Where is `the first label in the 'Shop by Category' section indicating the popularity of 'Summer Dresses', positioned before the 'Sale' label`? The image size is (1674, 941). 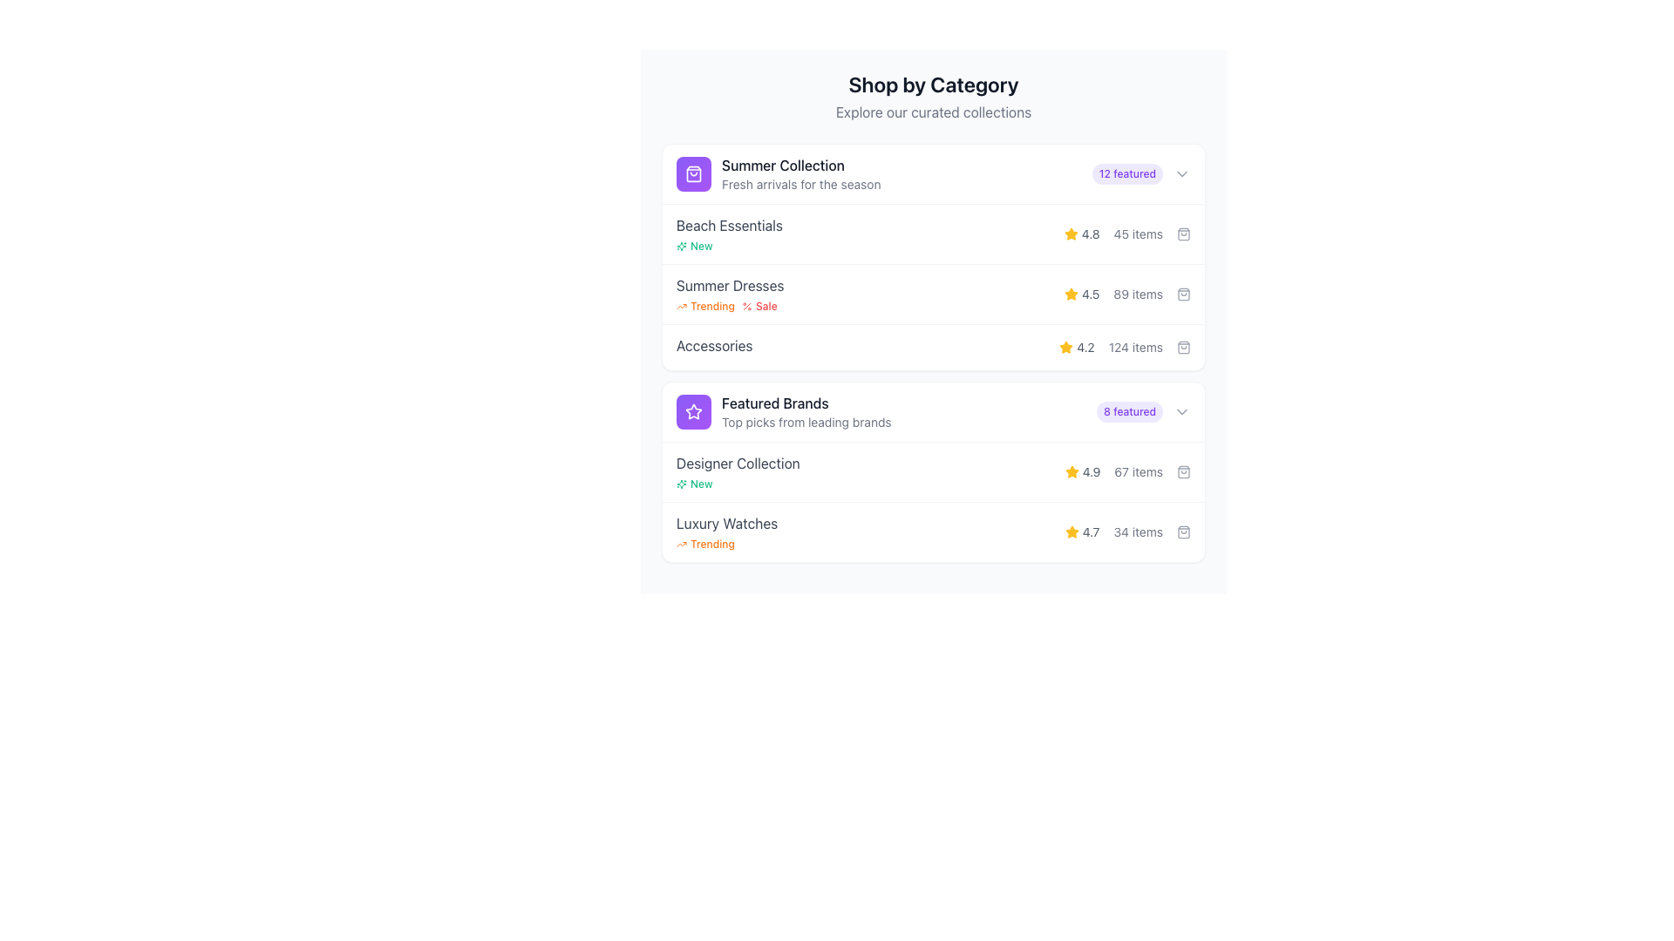 the first label in the 'Shop by Category' section indicating the popularity of 'Summer Dresses', positioned before the 'Sale' label is located at coordinates (705, 305).